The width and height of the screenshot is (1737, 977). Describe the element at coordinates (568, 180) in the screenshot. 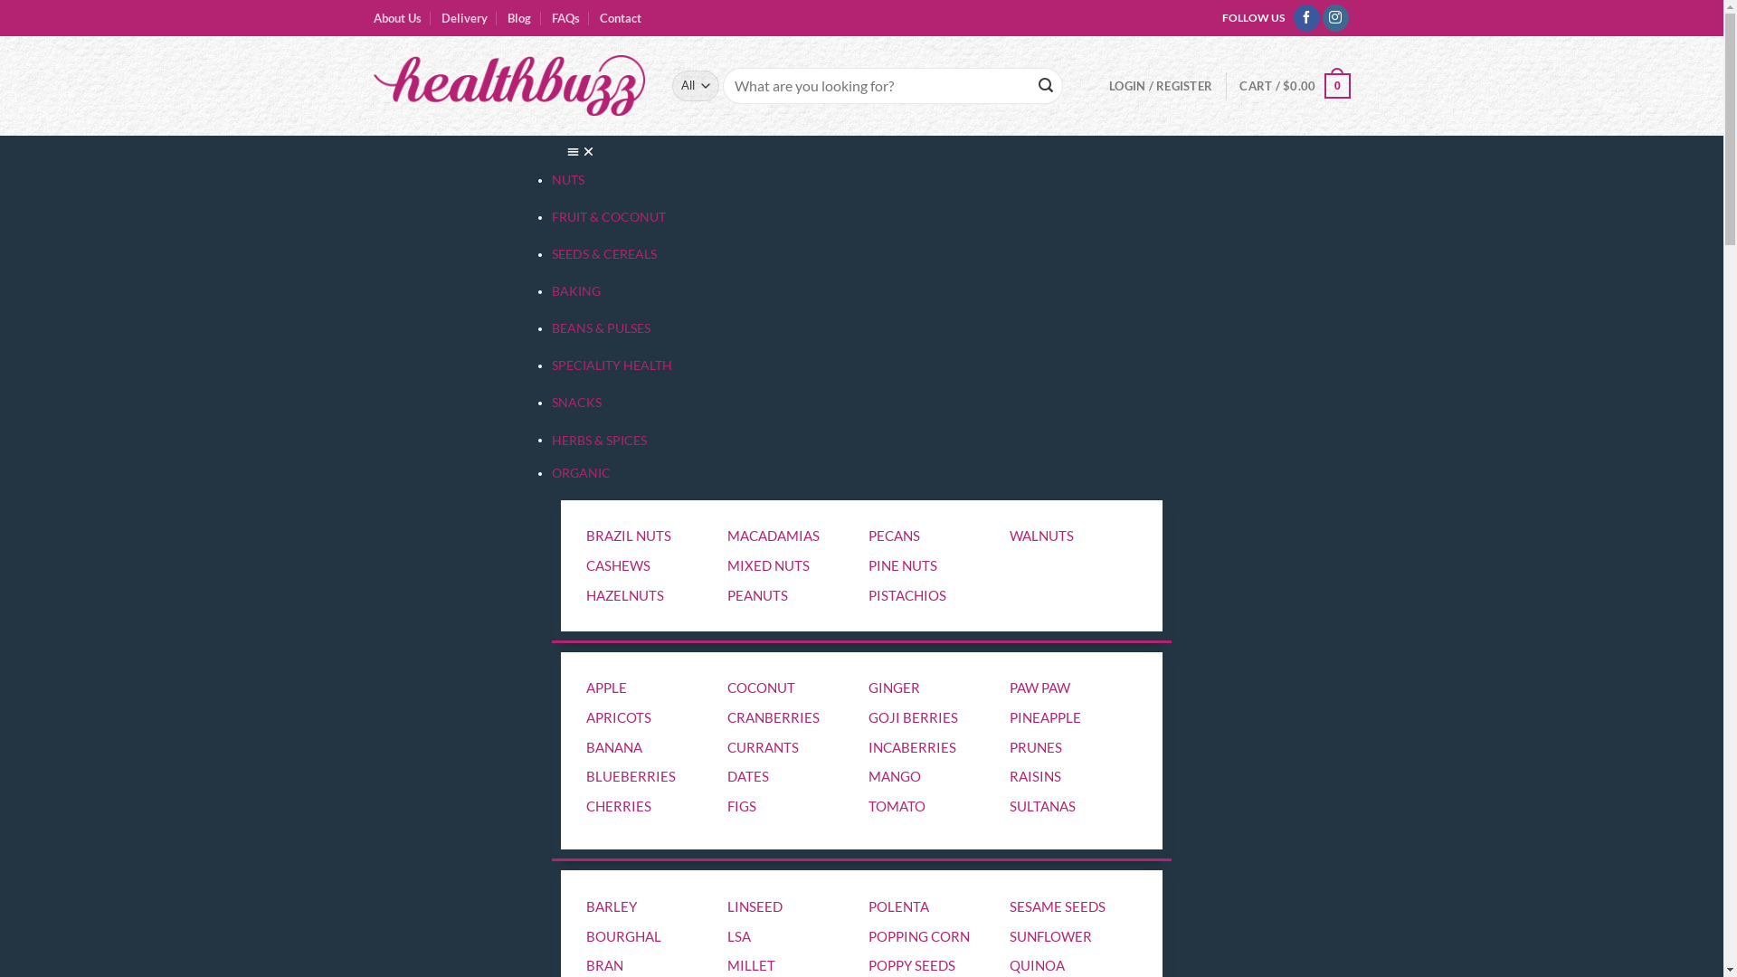

I see `'NUTS'` at that location.